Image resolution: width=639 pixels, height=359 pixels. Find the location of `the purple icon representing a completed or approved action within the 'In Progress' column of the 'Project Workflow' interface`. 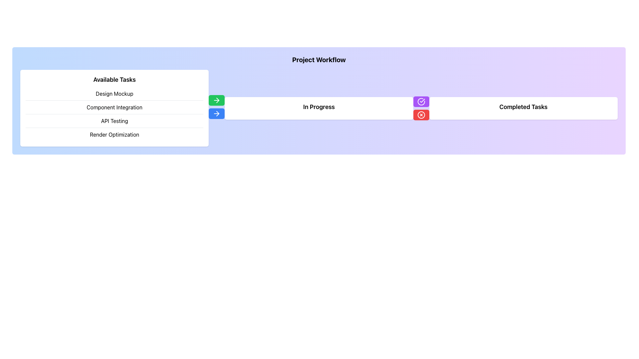

the purple icon representing a completed or approved action within the 'In Progress' column of the 'Project Workflow' interface is located at coordinates (422, 100).